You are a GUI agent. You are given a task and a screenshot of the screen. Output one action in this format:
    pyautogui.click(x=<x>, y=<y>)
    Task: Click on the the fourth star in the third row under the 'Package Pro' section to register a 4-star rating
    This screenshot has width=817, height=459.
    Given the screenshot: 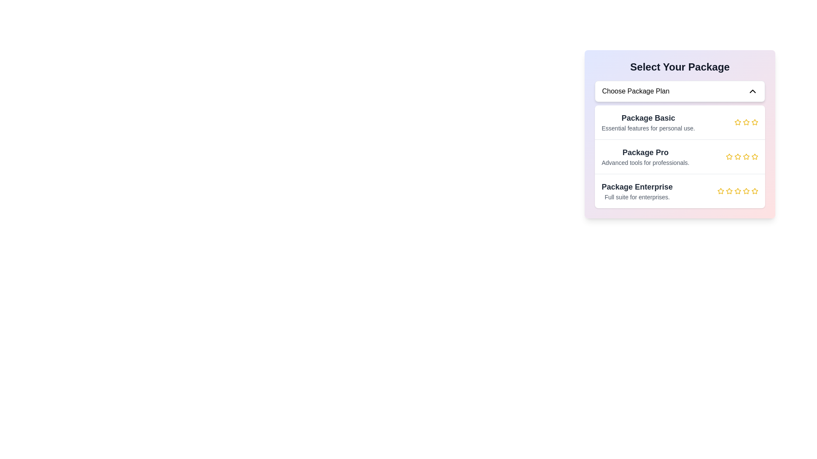 What is the action you would take?
    pyautogui.click(x=755, y=156)
    